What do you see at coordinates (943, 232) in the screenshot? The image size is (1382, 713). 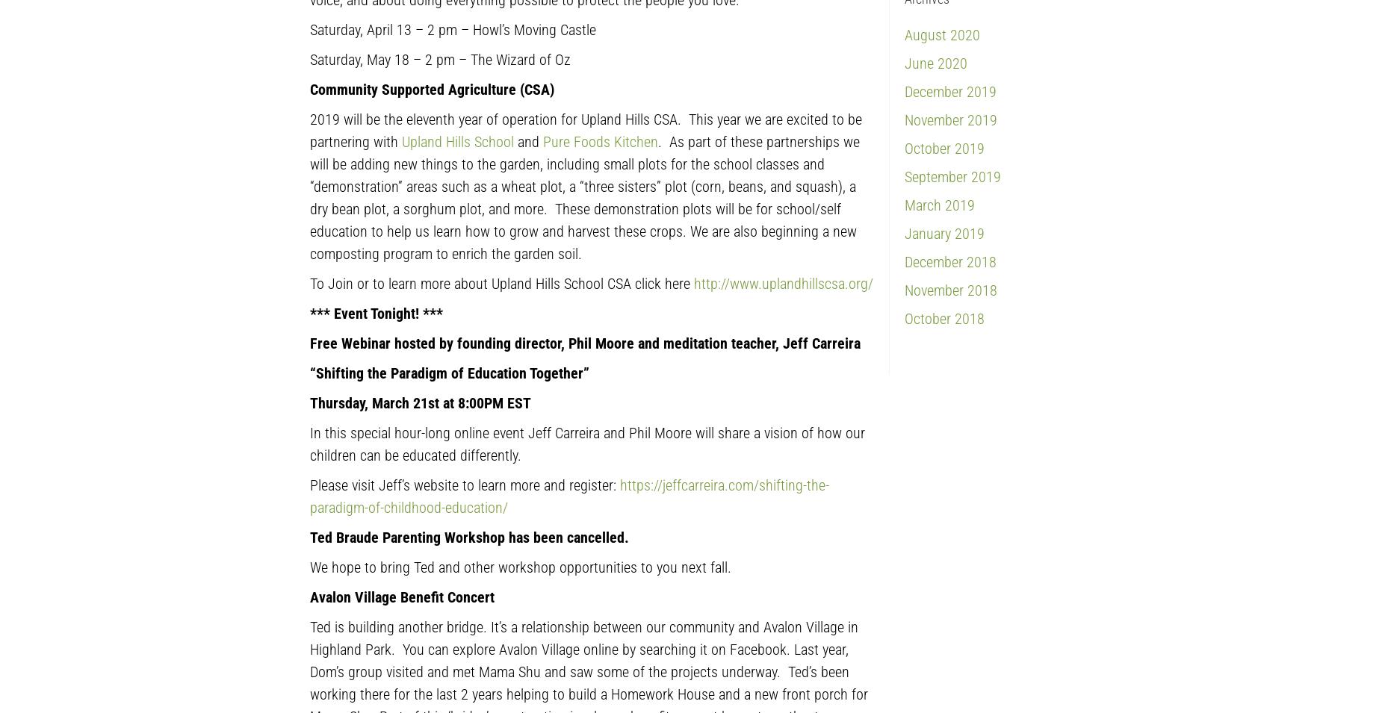 I see `'January 2019'` at bounding box center [943, 232].